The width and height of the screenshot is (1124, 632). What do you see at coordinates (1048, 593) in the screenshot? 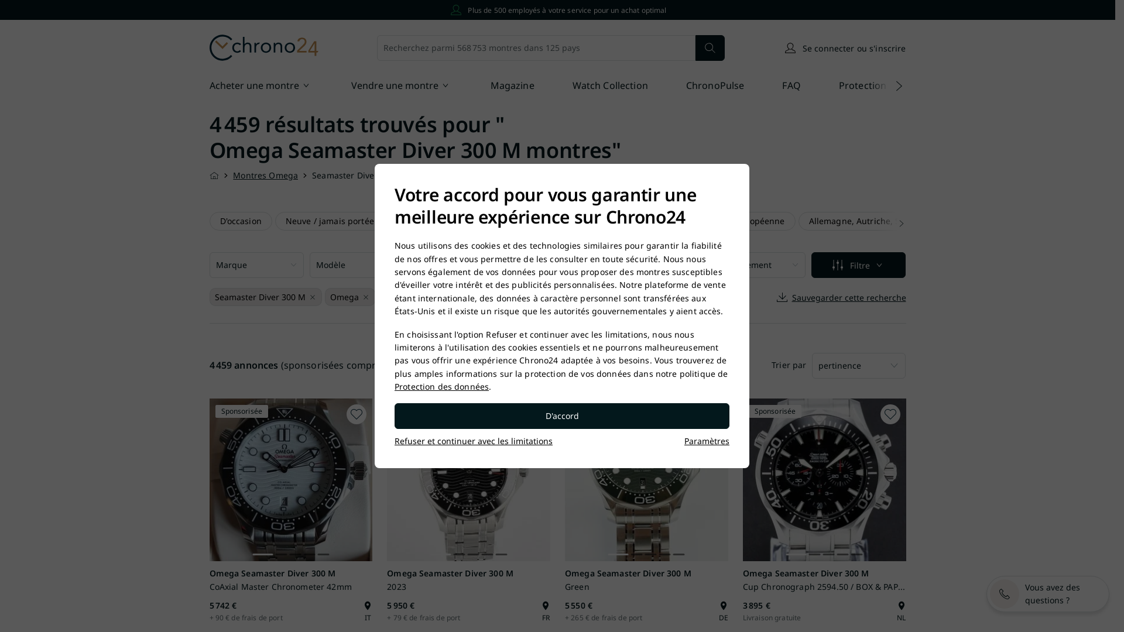
I see `'Vous avez des questions ?'` at bounding box center [1048, 593].